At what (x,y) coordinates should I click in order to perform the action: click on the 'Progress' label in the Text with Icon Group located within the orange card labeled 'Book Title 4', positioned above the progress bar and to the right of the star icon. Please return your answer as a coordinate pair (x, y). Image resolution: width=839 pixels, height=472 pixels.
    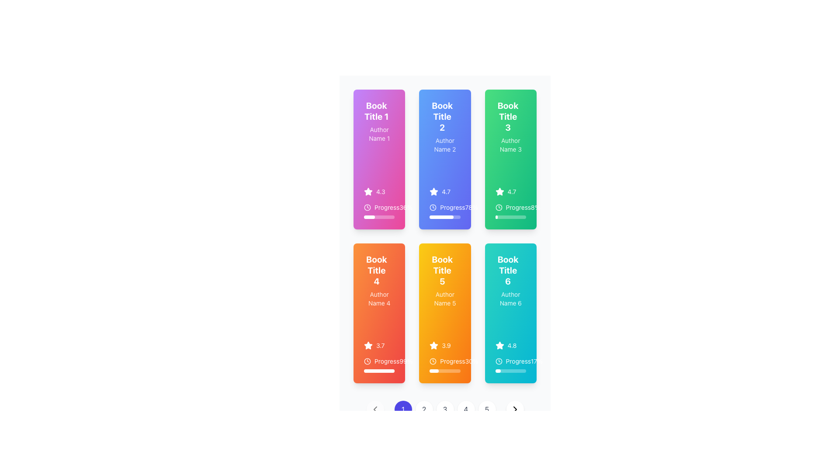
    Looking at the image, I should click on (381, 361).